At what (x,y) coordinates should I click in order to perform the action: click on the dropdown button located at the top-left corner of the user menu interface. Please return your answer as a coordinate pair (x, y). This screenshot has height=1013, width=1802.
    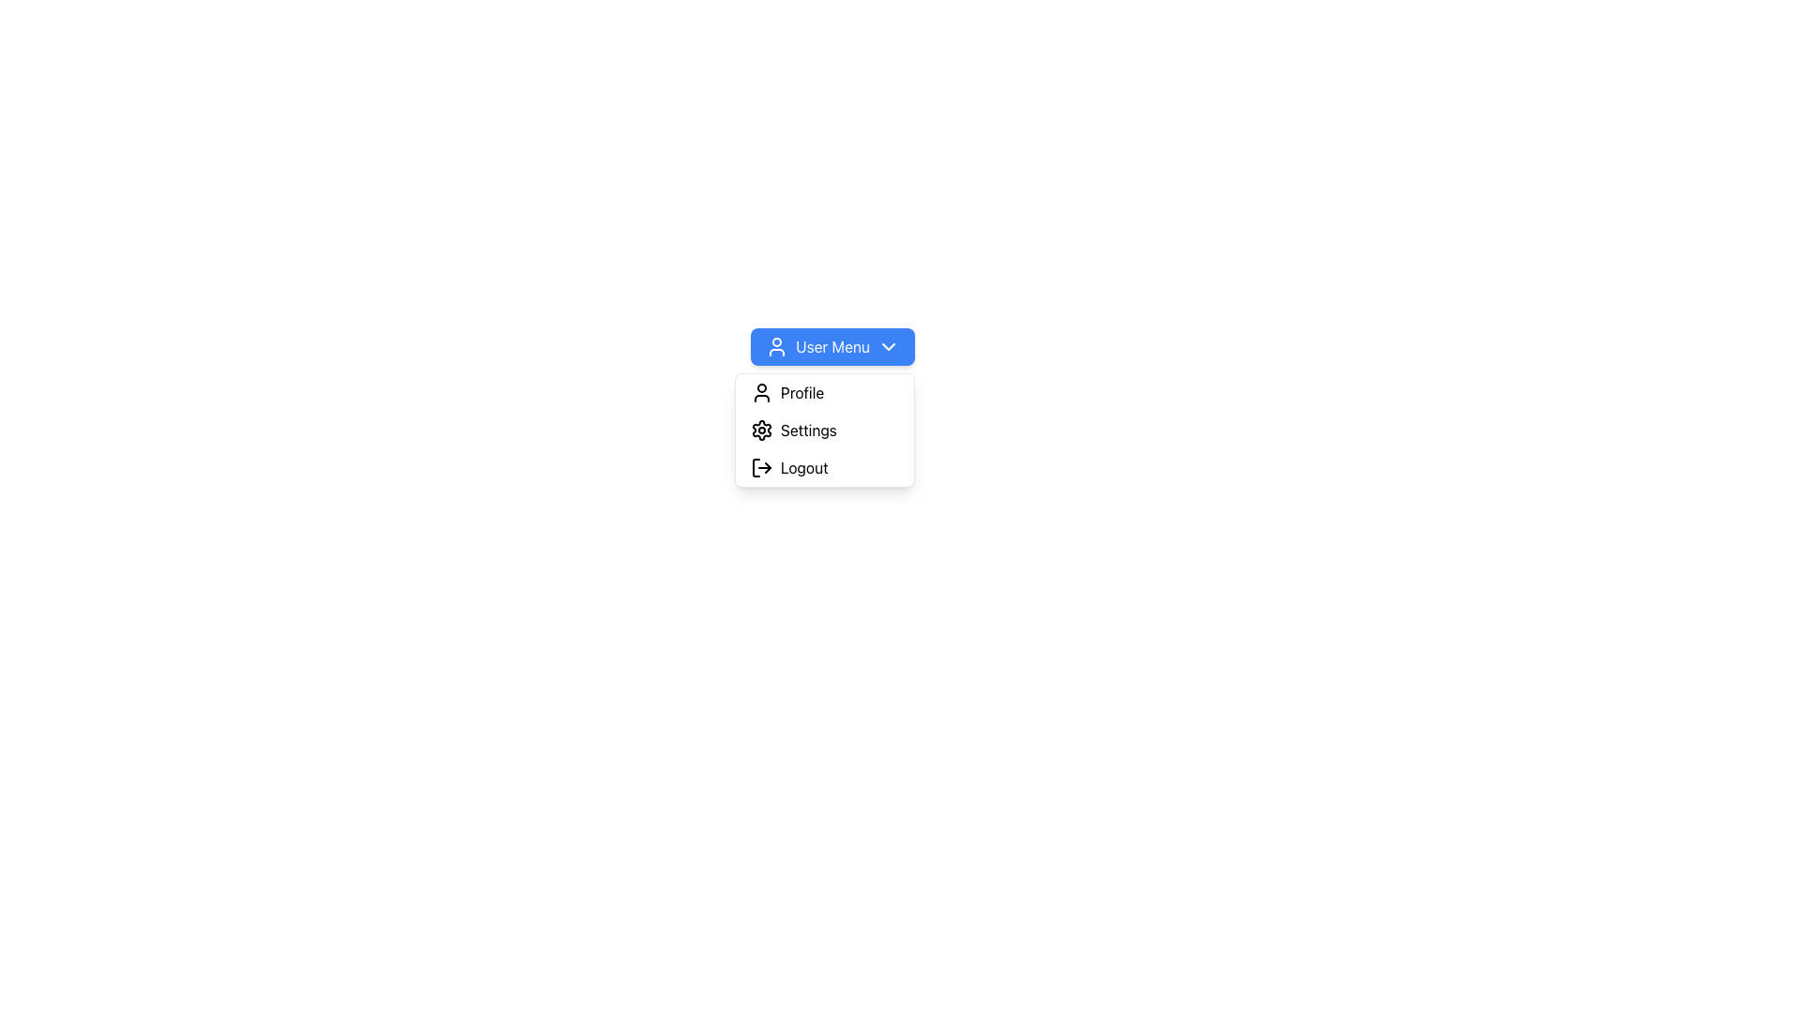
    Looking at the image, I should click on (832, 347).